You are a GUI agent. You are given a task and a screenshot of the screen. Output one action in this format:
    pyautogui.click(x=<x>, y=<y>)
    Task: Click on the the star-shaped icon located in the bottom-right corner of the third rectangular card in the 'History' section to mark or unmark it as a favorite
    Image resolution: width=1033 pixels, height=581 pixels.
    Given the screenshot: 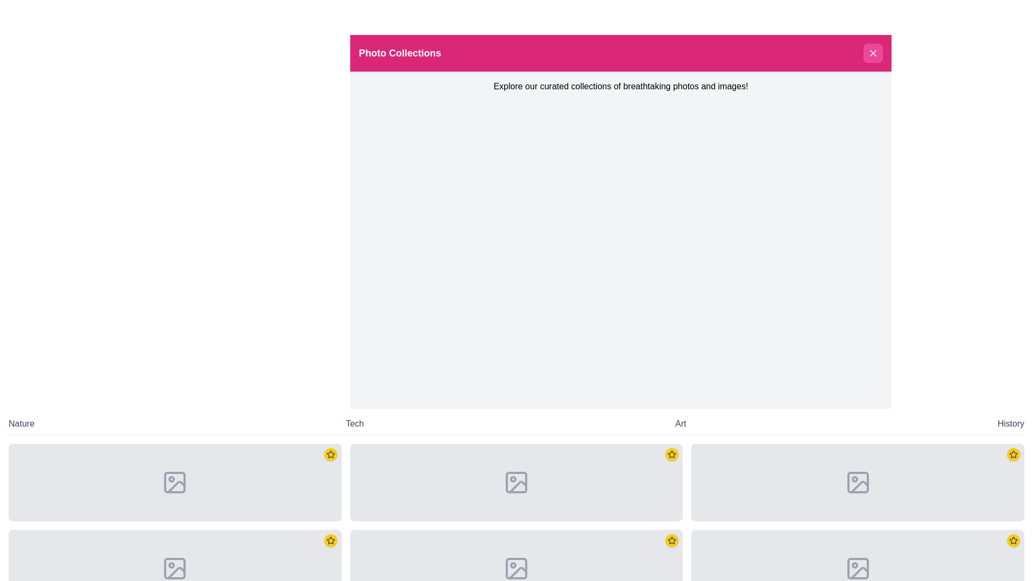 What is the action you would take?
    pyautogui.click(x=1013, y=454)
    